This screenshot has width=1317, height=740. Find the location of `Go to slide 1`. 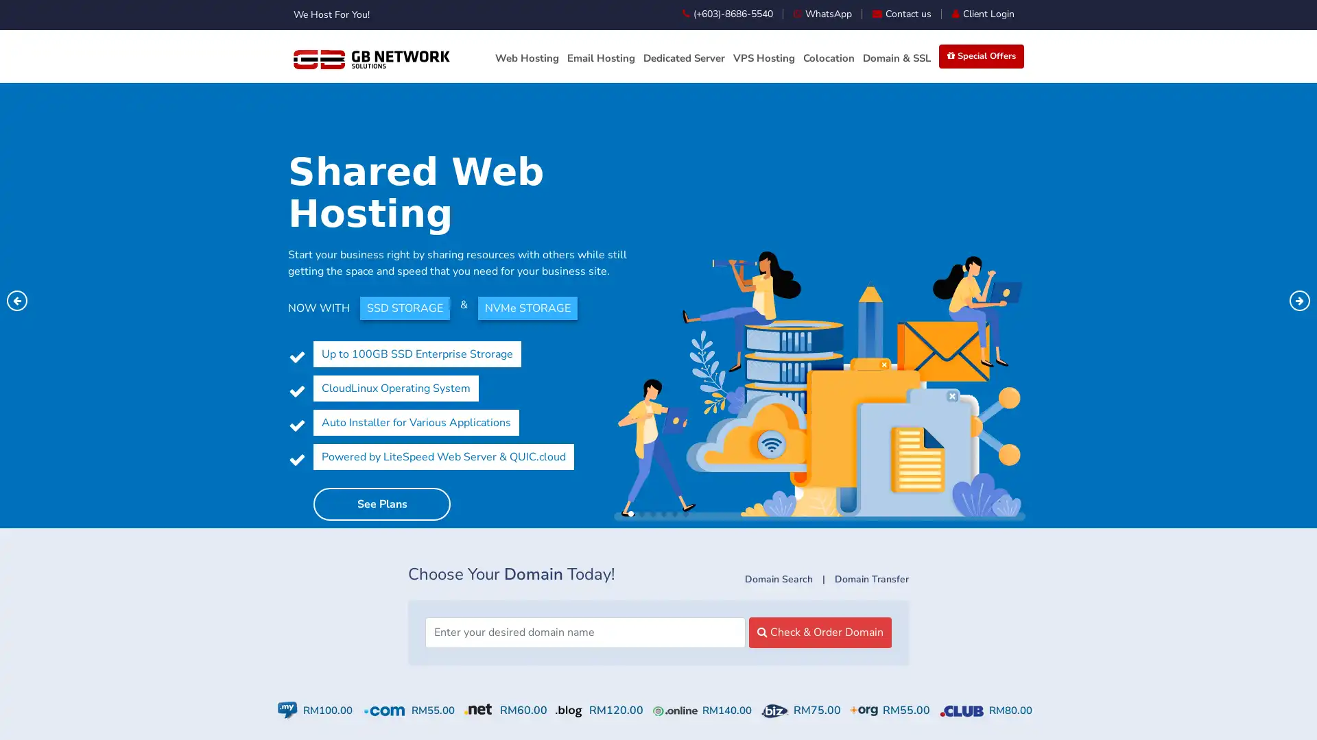

Go to slide 1 is located at coordinates (630, 513).